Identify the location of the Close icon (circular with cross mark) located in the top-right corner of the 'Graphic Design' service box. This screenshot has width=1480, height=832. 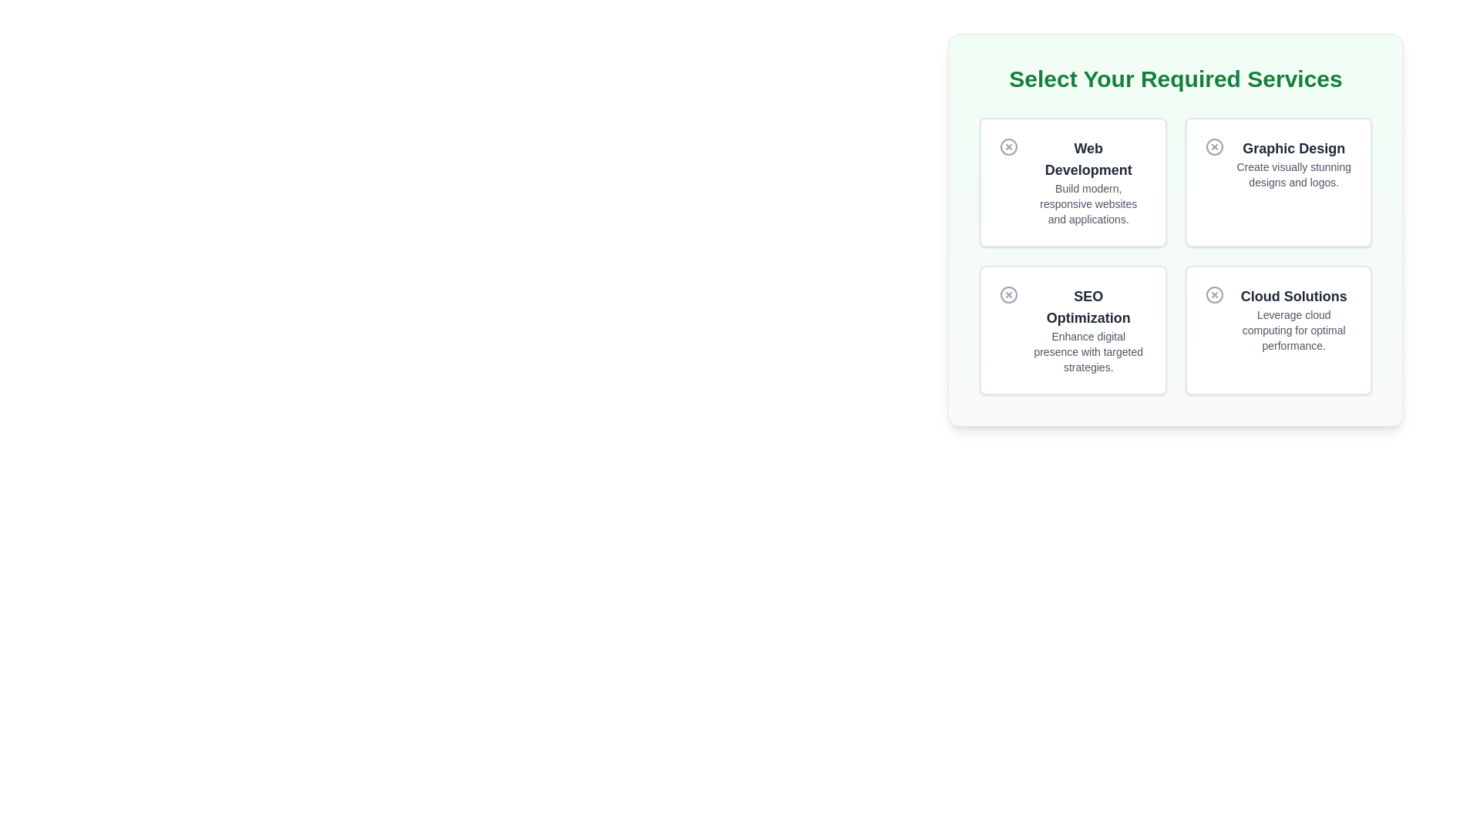
(1213, 147).